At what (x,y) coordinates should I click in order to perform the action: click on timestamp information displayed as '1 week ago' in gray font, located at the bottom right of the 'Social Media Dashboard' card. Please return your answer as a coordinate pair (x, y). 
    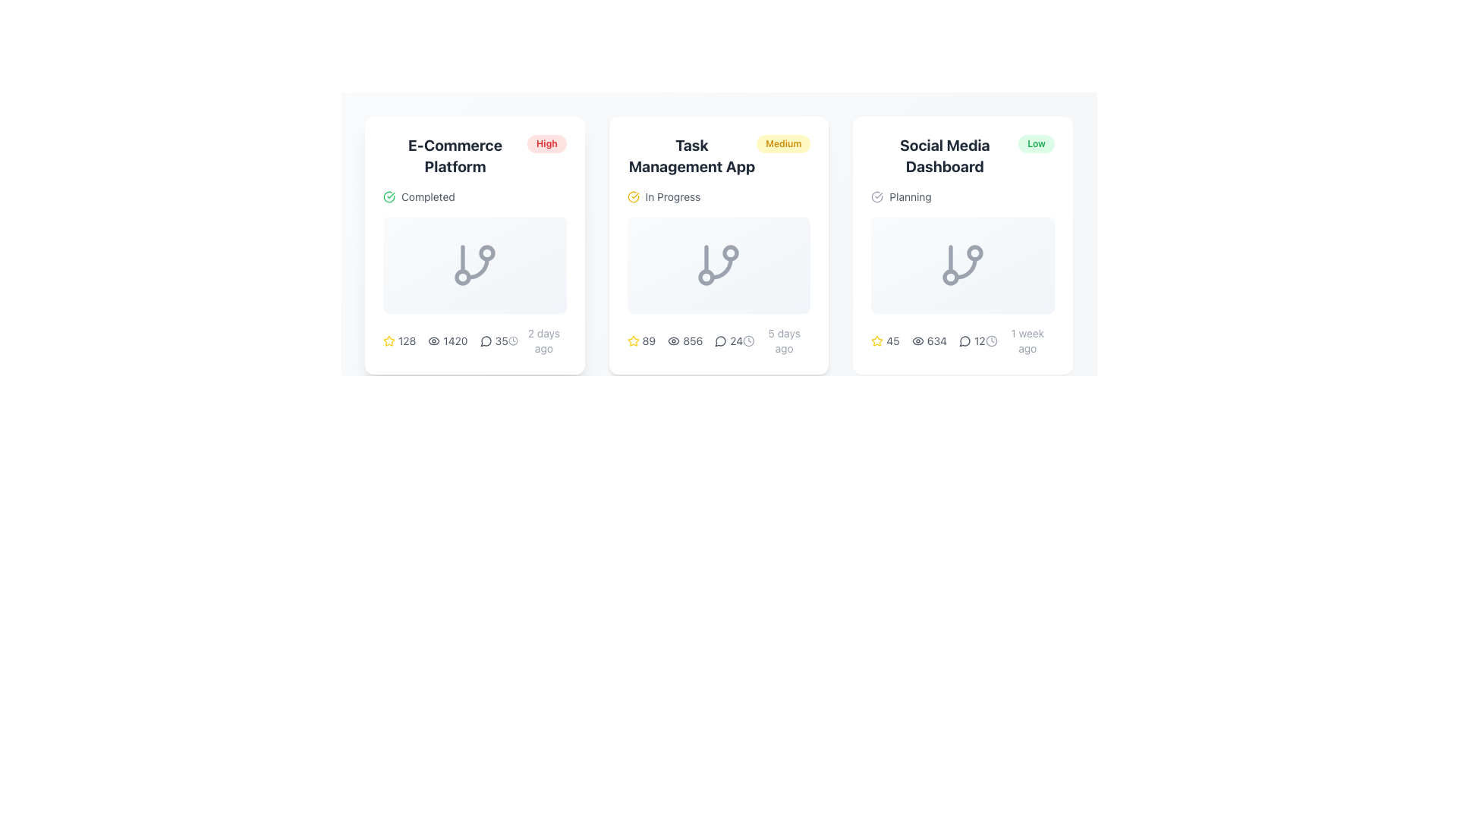
    Looking at the image, I should click on (1020, 341).